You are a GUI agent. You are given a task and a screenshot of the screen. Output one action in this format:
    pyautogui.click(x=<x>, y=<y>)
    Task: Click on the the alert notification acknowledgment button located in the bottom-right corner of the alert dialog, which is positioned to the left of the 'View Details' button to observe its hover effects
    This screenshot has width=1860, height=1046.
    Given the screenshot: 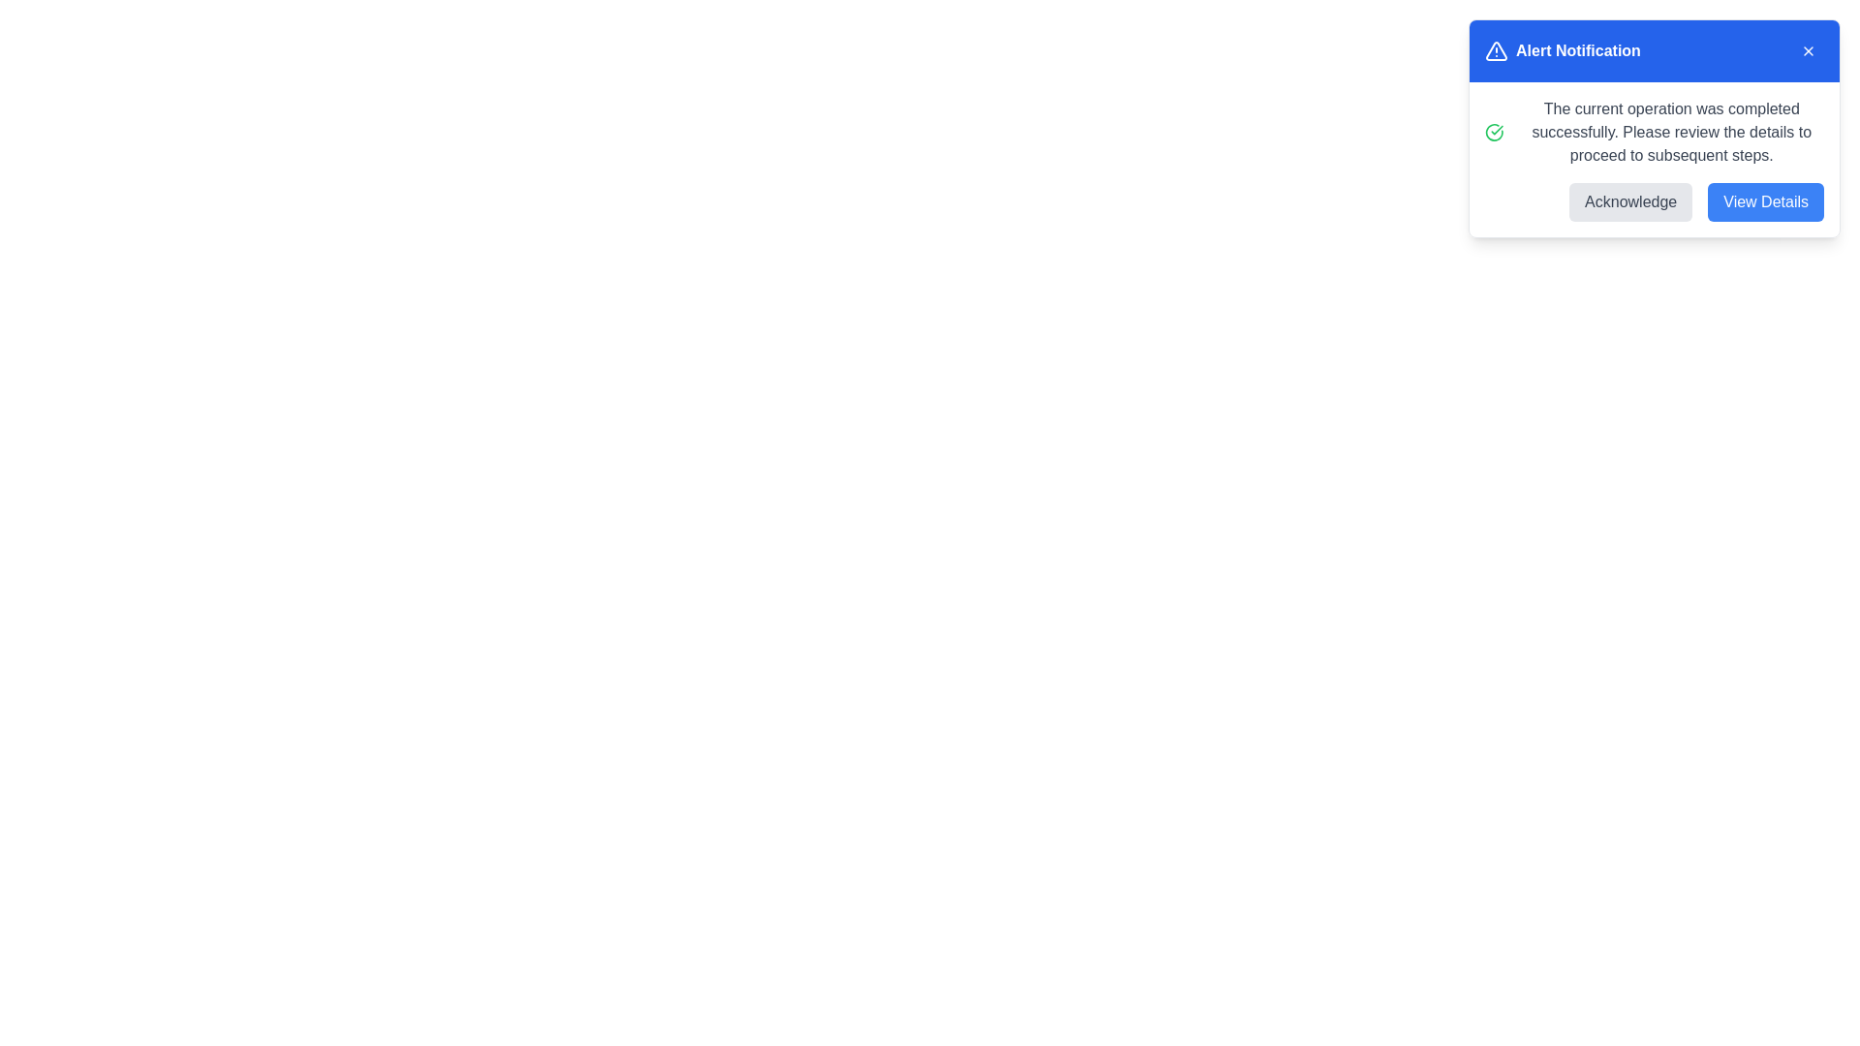 What is the action you would take?
    pyautogui.click(x=1629, y=201)
    